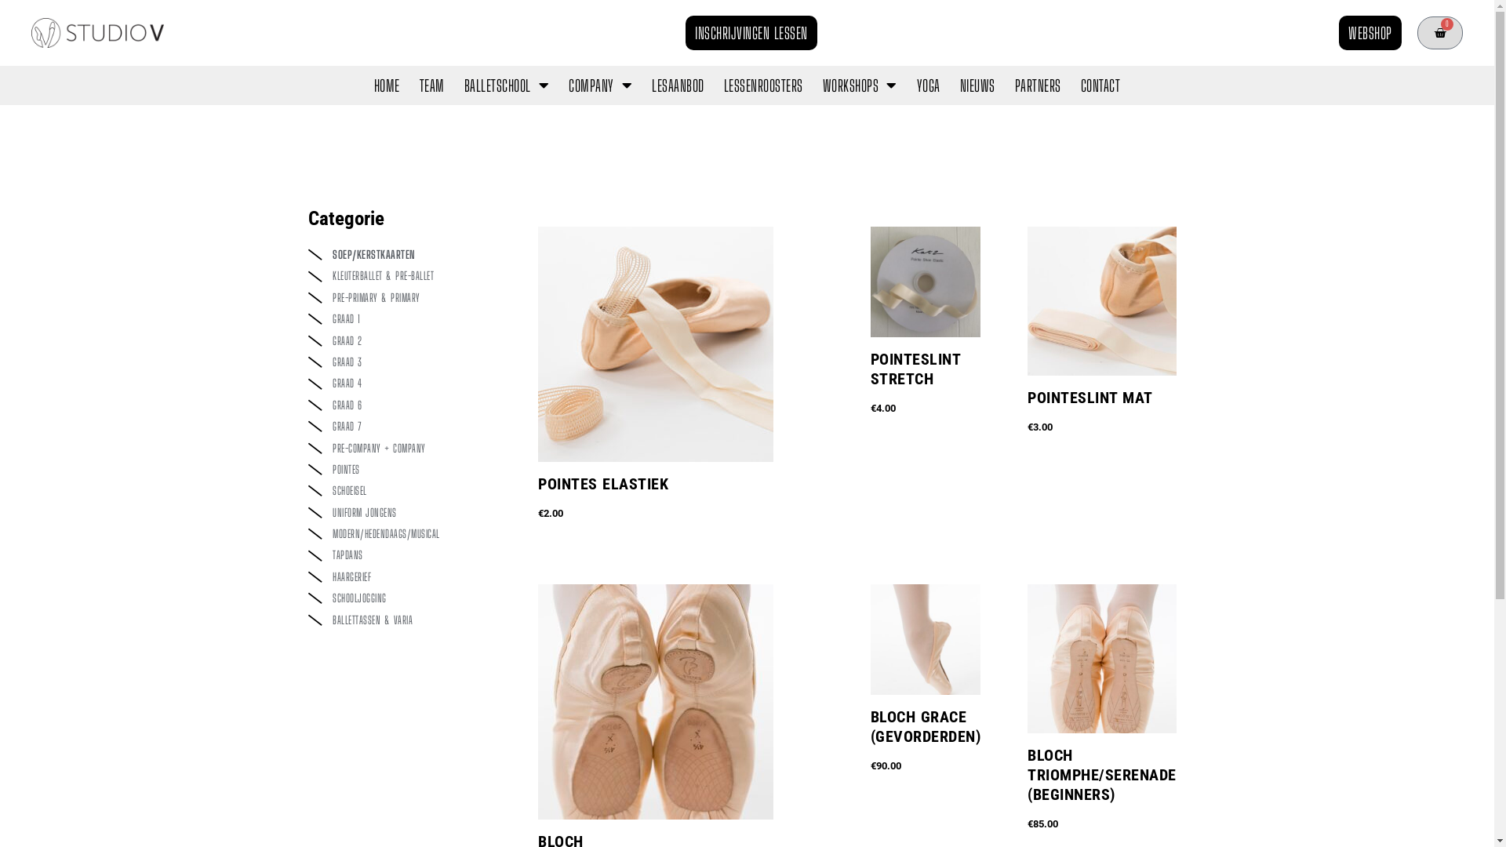 Image resolution: width=1506 pixels, height=847 pixels. I want to click on 'PRE-COMPANY + COMPANY', so click(406, 448).